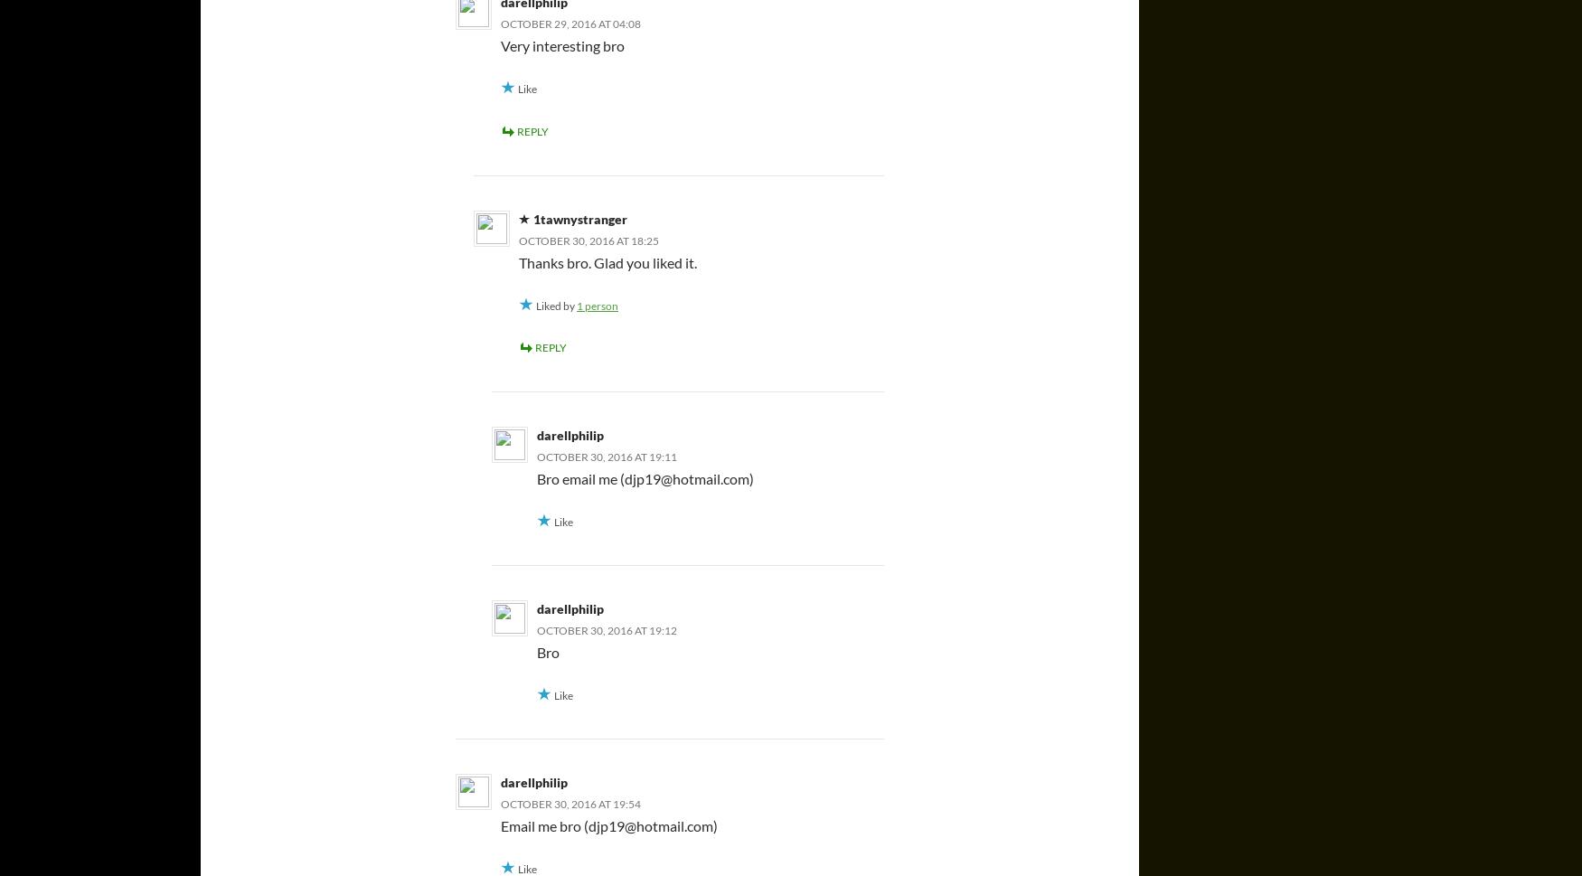 This screenshot has height=876, width=1582. What do you see at coordinates (536, 456) in the screenshot?
I see `'October 30, 2016 at 19:11'` at bounding box center [536, 456].